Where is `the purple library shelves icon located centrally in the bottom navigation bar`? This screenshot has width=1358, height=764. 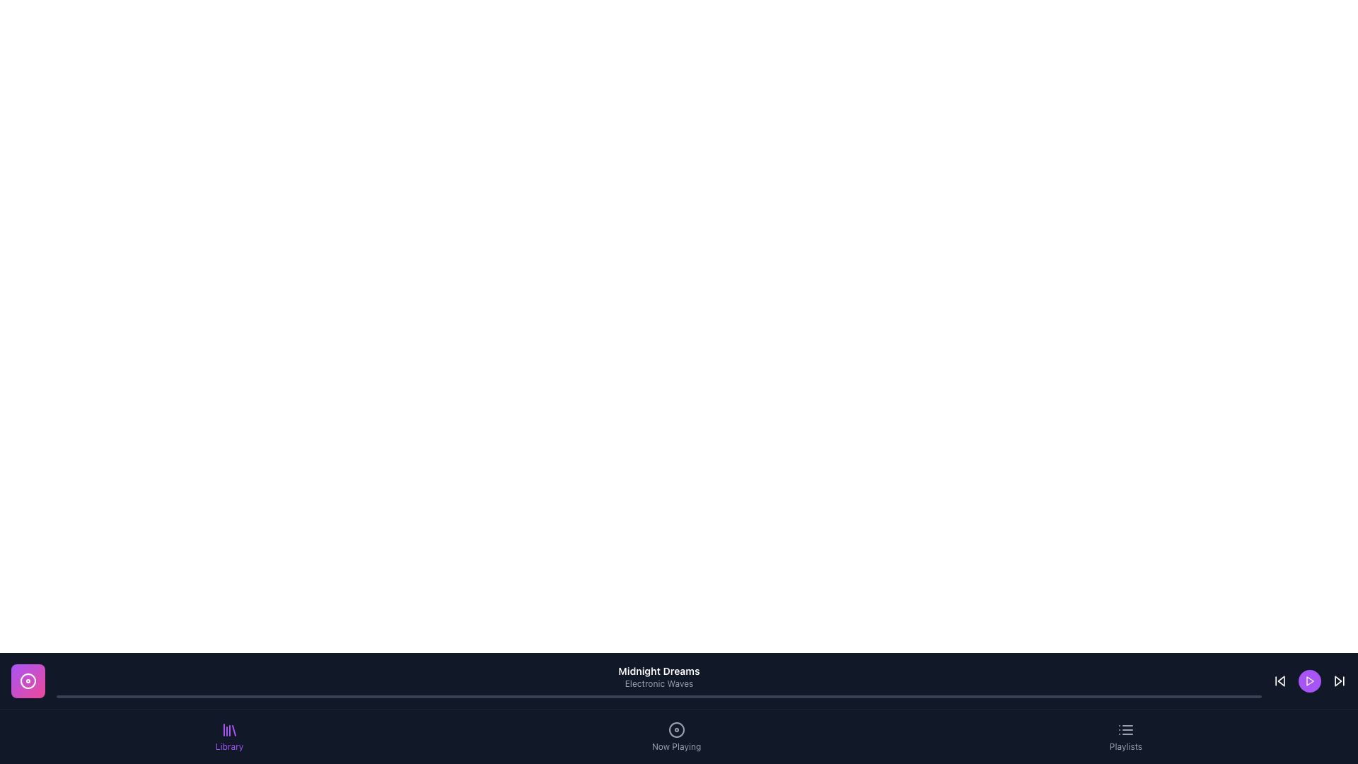 the purple library shelves icon located centrally in the bottom navigation bar is located at coordinates (229, 730).